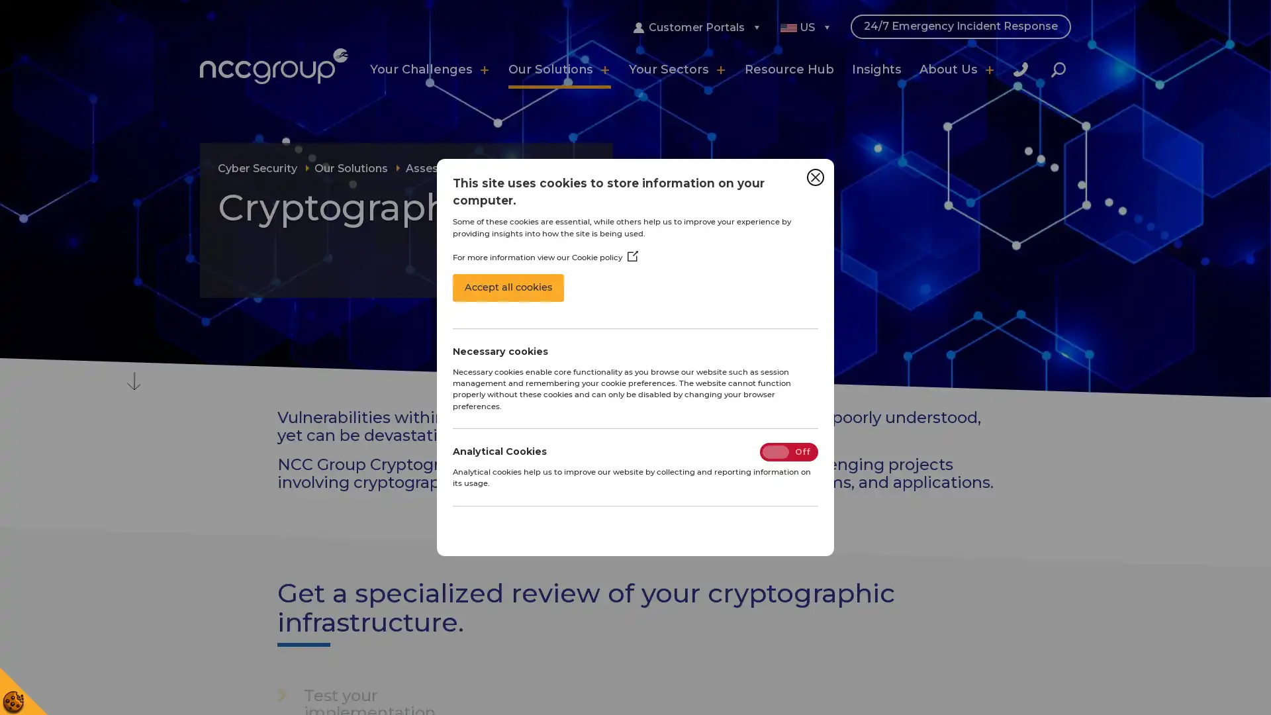 This screenshot has width=1271, height=715. What do you see at coordinates (1015, 116) in the screenshot?
I see `Close Search` at bounding box center [1015, 116].